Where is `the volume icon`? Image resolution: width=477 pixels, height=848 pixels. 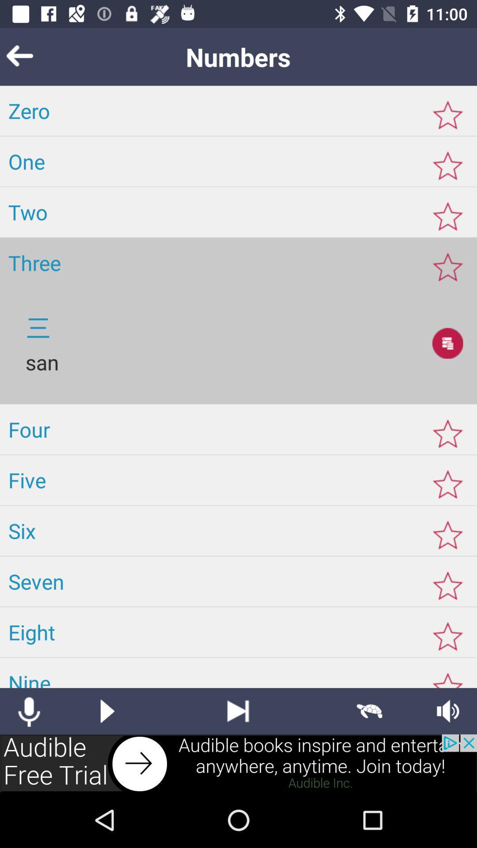
the volume icon is located at coordinates (448, 711).